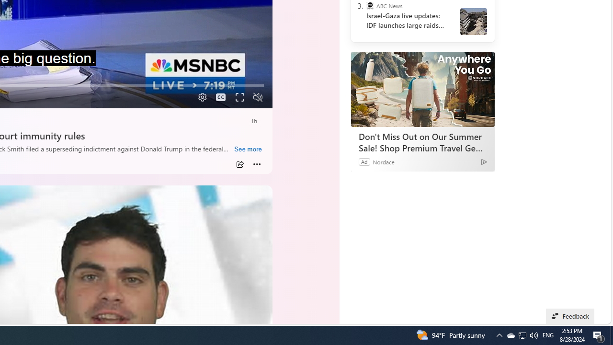  What do you see at coordinates (570, 316) in the screenshot?
I see `'Feedback'` at bounding box center [570, 316].